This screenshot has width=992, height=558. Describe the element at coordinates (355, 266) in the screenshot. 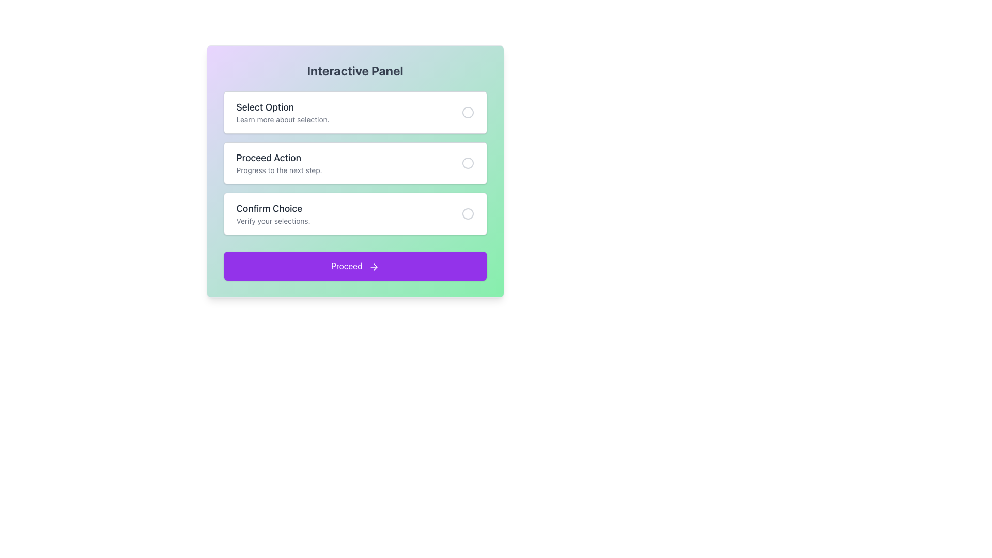

I see `the call-to-action button located at the bottom of the interactive panel to proceed to the next step` at that location.